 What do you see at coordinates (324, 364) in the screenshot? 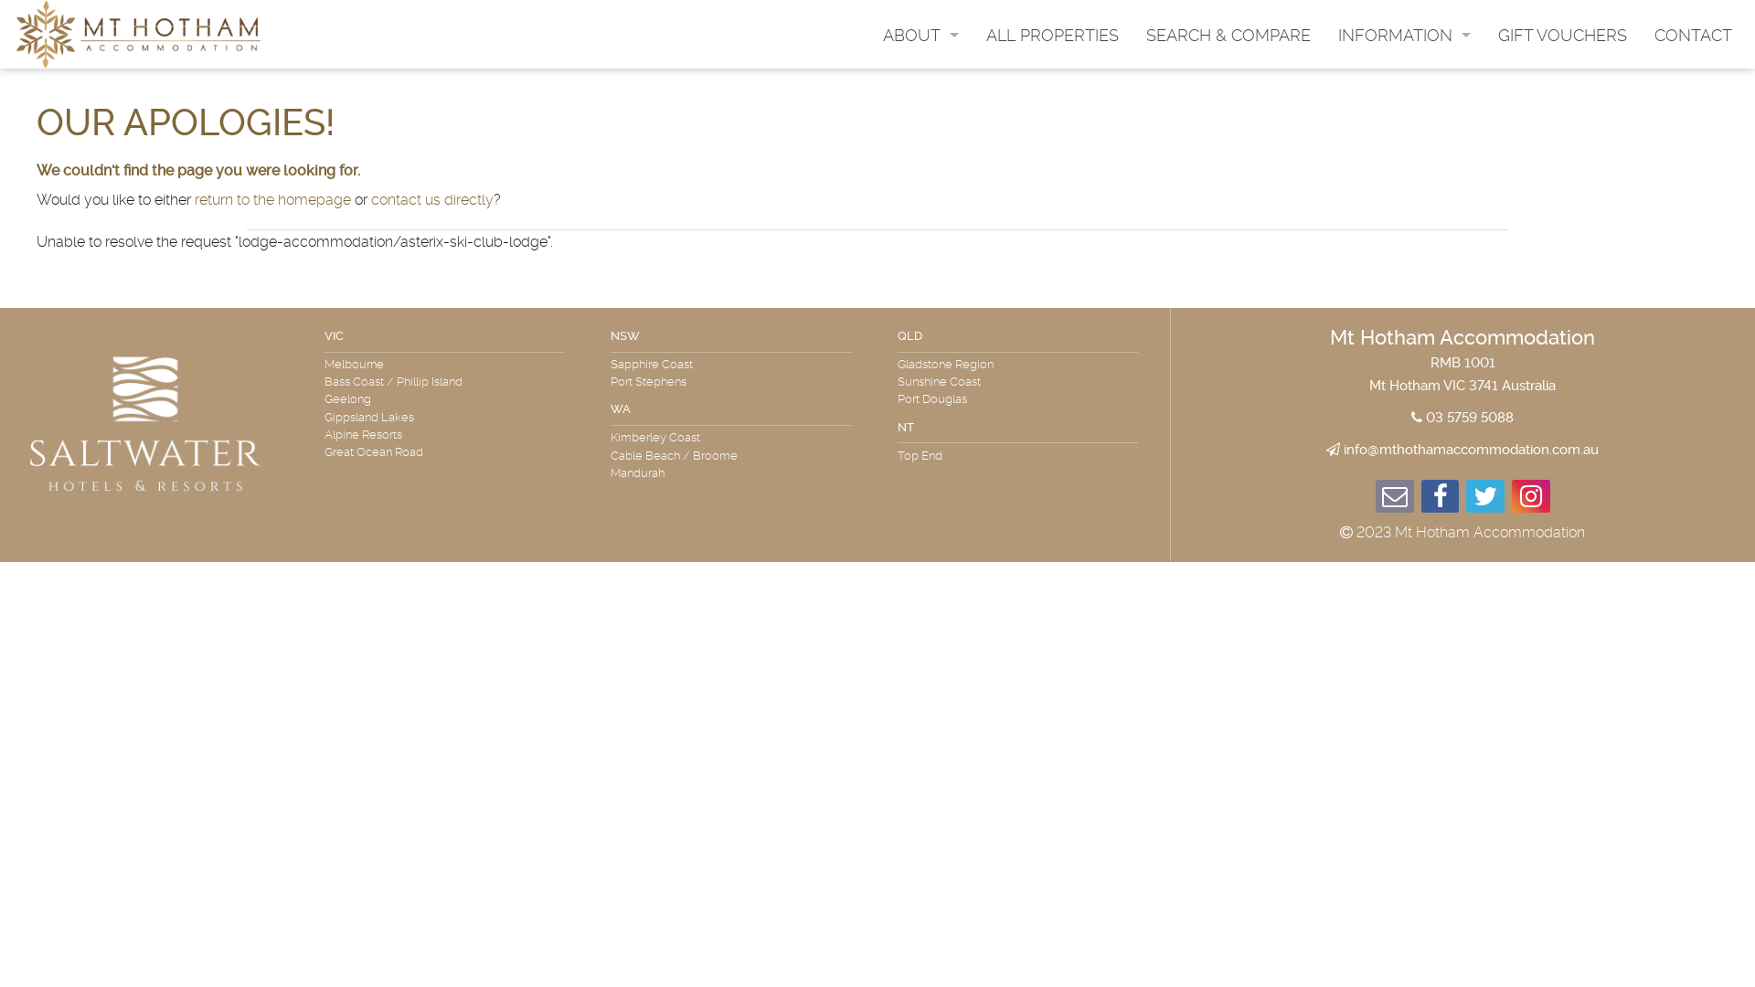
I see `'Melbourne'` at bounding box center [324, 364].